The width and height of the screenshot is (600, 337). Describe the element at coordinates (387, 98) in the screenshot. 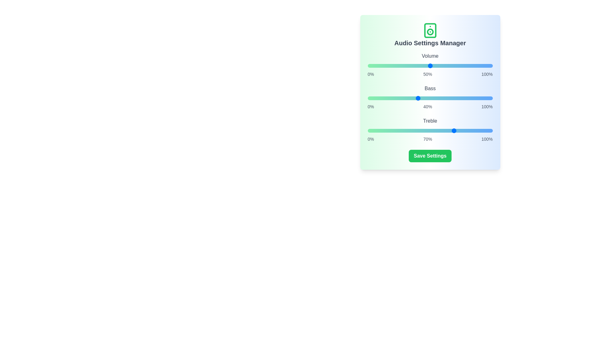

I see `the bass slider to 16%` at that location.